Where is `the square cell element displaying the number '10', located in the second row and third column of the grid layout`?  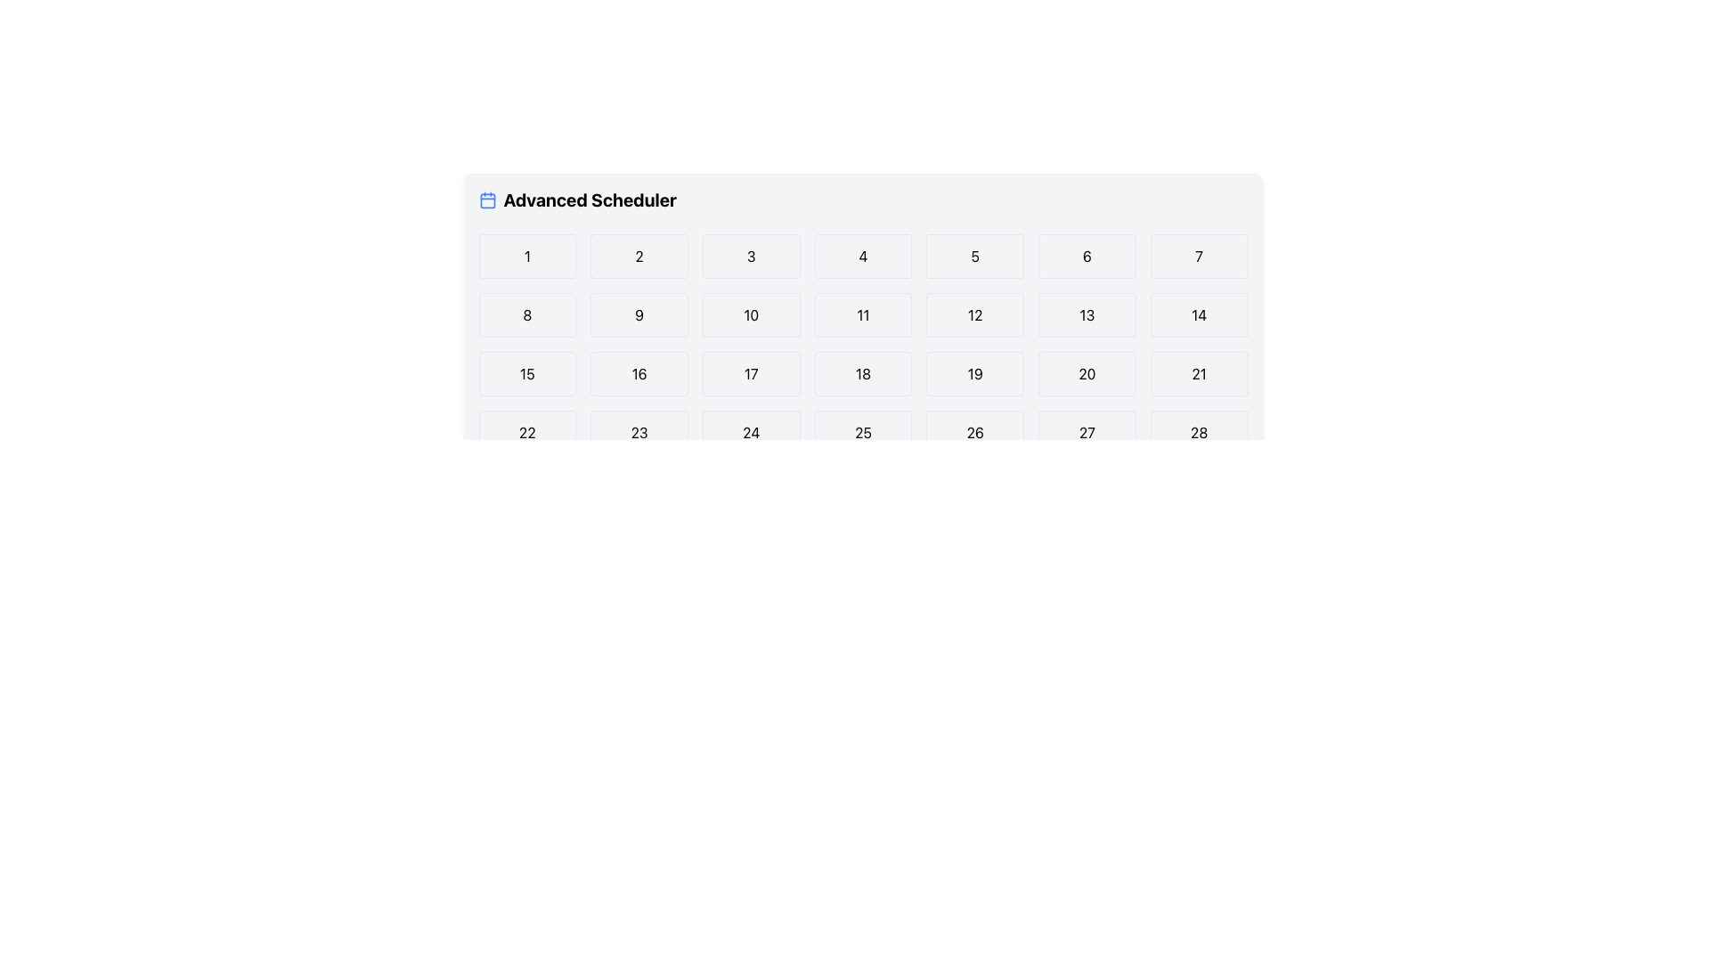
the square cell element displaying the number '10', located in the second row and third column of the grid layout is located at coordinates (751, 314).